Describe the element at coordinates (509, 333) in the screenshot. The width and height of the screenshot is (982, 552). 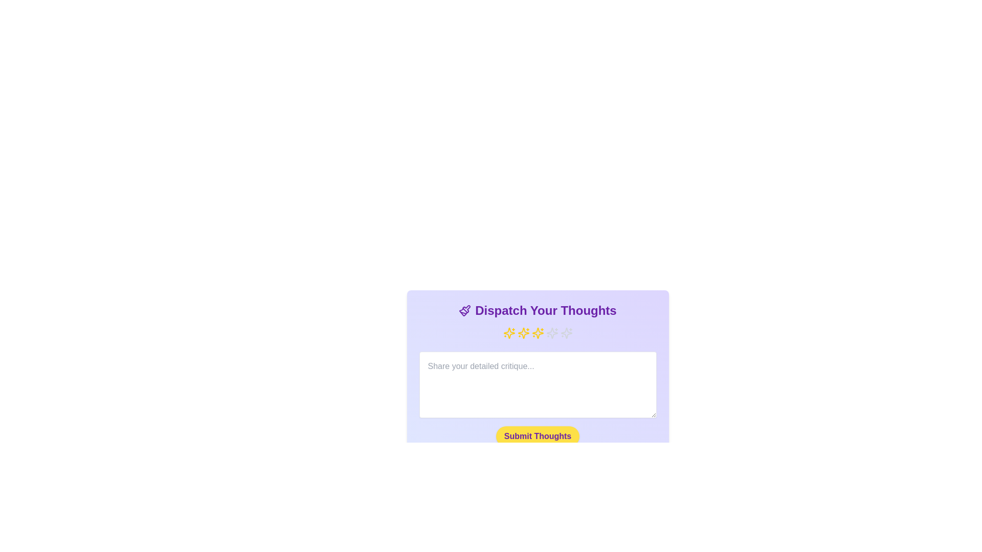
I see `the rating to 1 stars by clicking on the corresponding star icon` at that location.